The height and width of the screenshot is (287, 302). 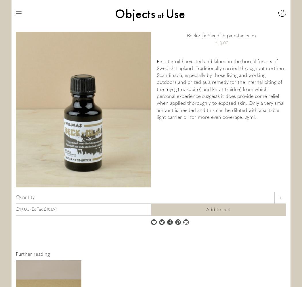 What do you see at coordinates (156, 88) in the screenshot?
I see `'Pine tar oil harvested and kilned in the boreal forests of Swedish Lapland. Traditionally carried throughout northern Scandinavia, especially by those living and working outdoors and prized as a remedy for the infernal biting of the mygg (mosquito) and knott (midge) from which personal experience suggests it does provide some relief when applied thoroughly to exposed skin. Only a very small amount is needed and this can be diluted with a suitable light carrier oil for more even coverage.'` at bounding box center [156, 88].